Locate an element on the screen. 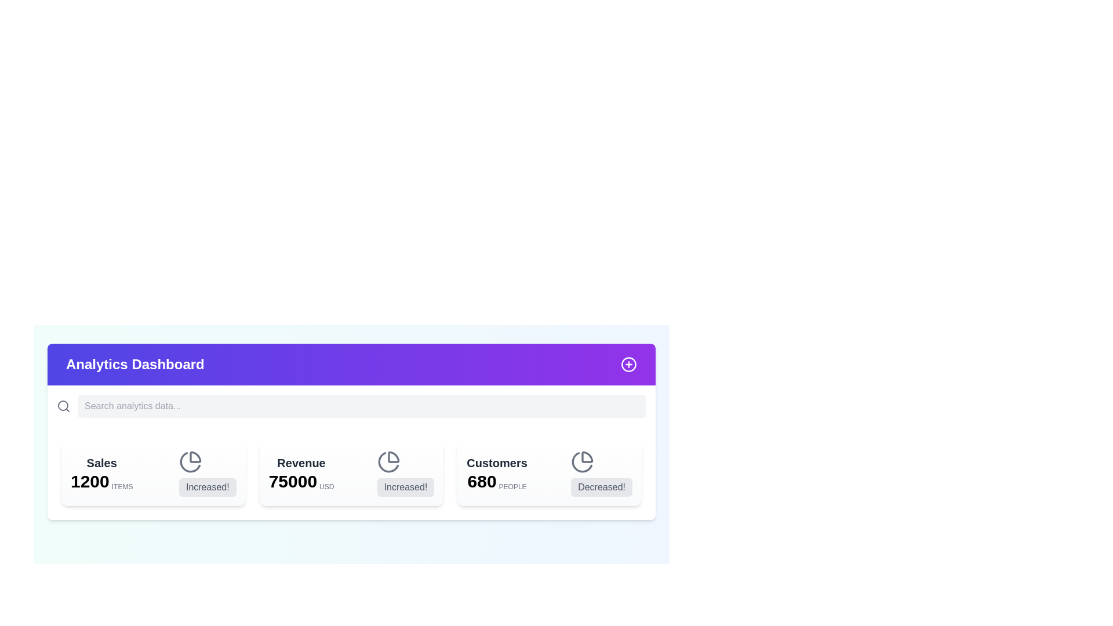 The width and height of the screenshot is (1113, 626). the text label element displaying 'Analytics Dashboard' in bold, large styling with a white font on a gradient background from indigo to purple is located at coordinates (135, 363).